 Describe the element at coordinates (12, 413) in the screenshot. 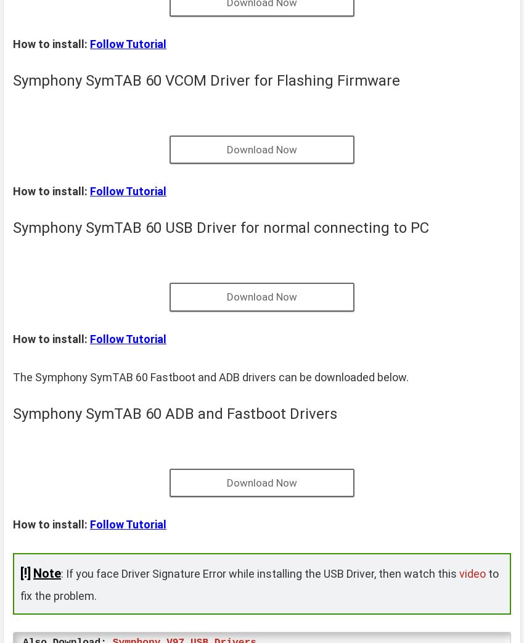

I see `'Symphony SymTAB 60 ADB and Fastboot Drivers'` at that location.